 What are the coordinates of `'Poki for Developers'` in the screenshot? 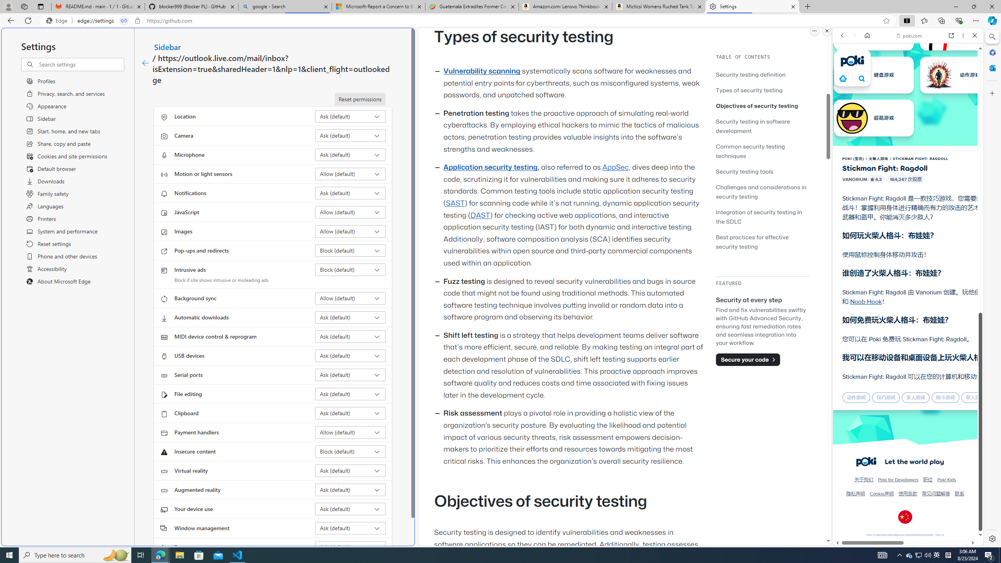 It's located at (898, 479).